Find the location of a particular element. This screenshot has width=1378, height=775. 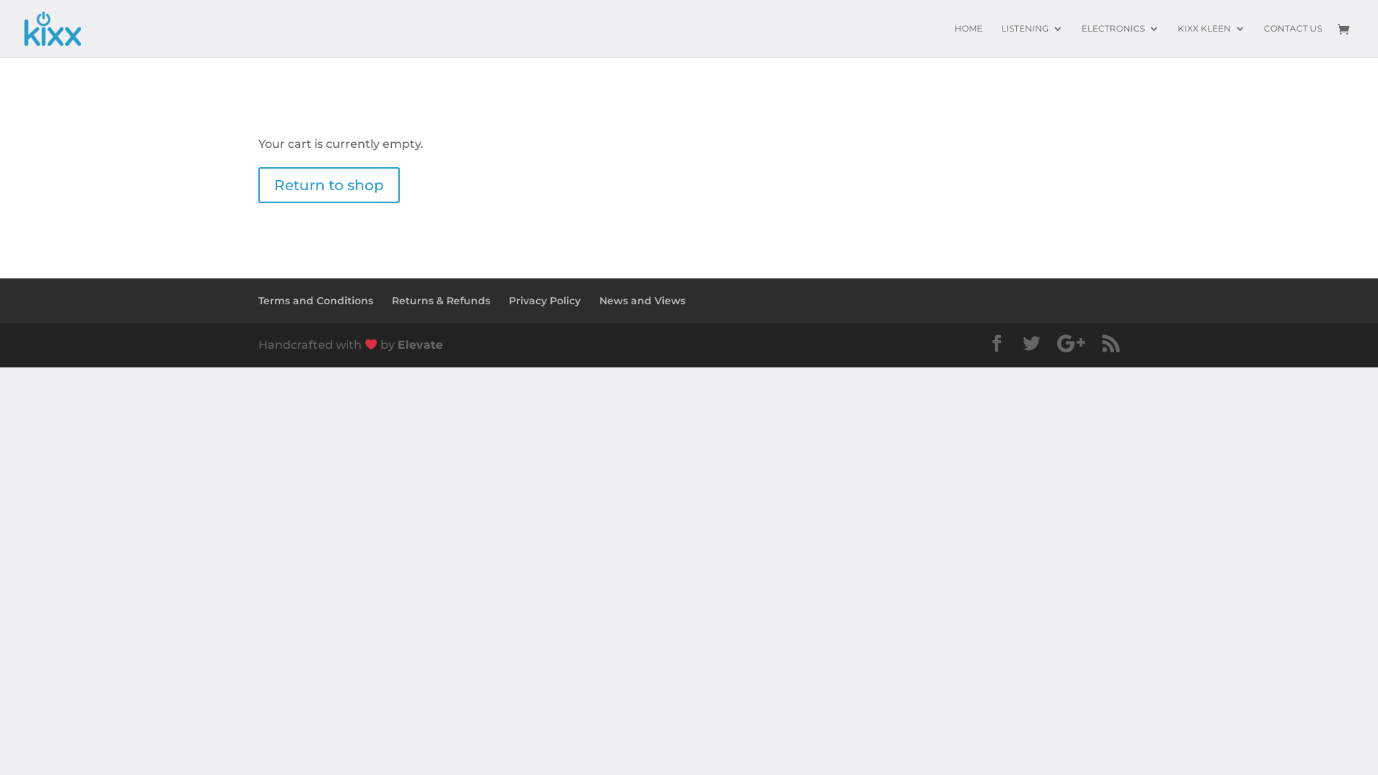

'Privacy Policy' is located at coordinates (543, 300).